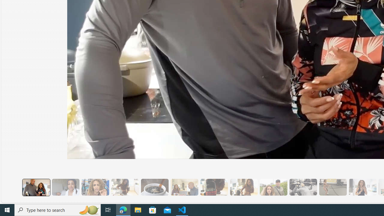 The width and height of the screenshot is (384, 216). Describe the element at coordinates (303, 187) in the screenshot. I see `'9 They Do Bench Exercises'` at that location.